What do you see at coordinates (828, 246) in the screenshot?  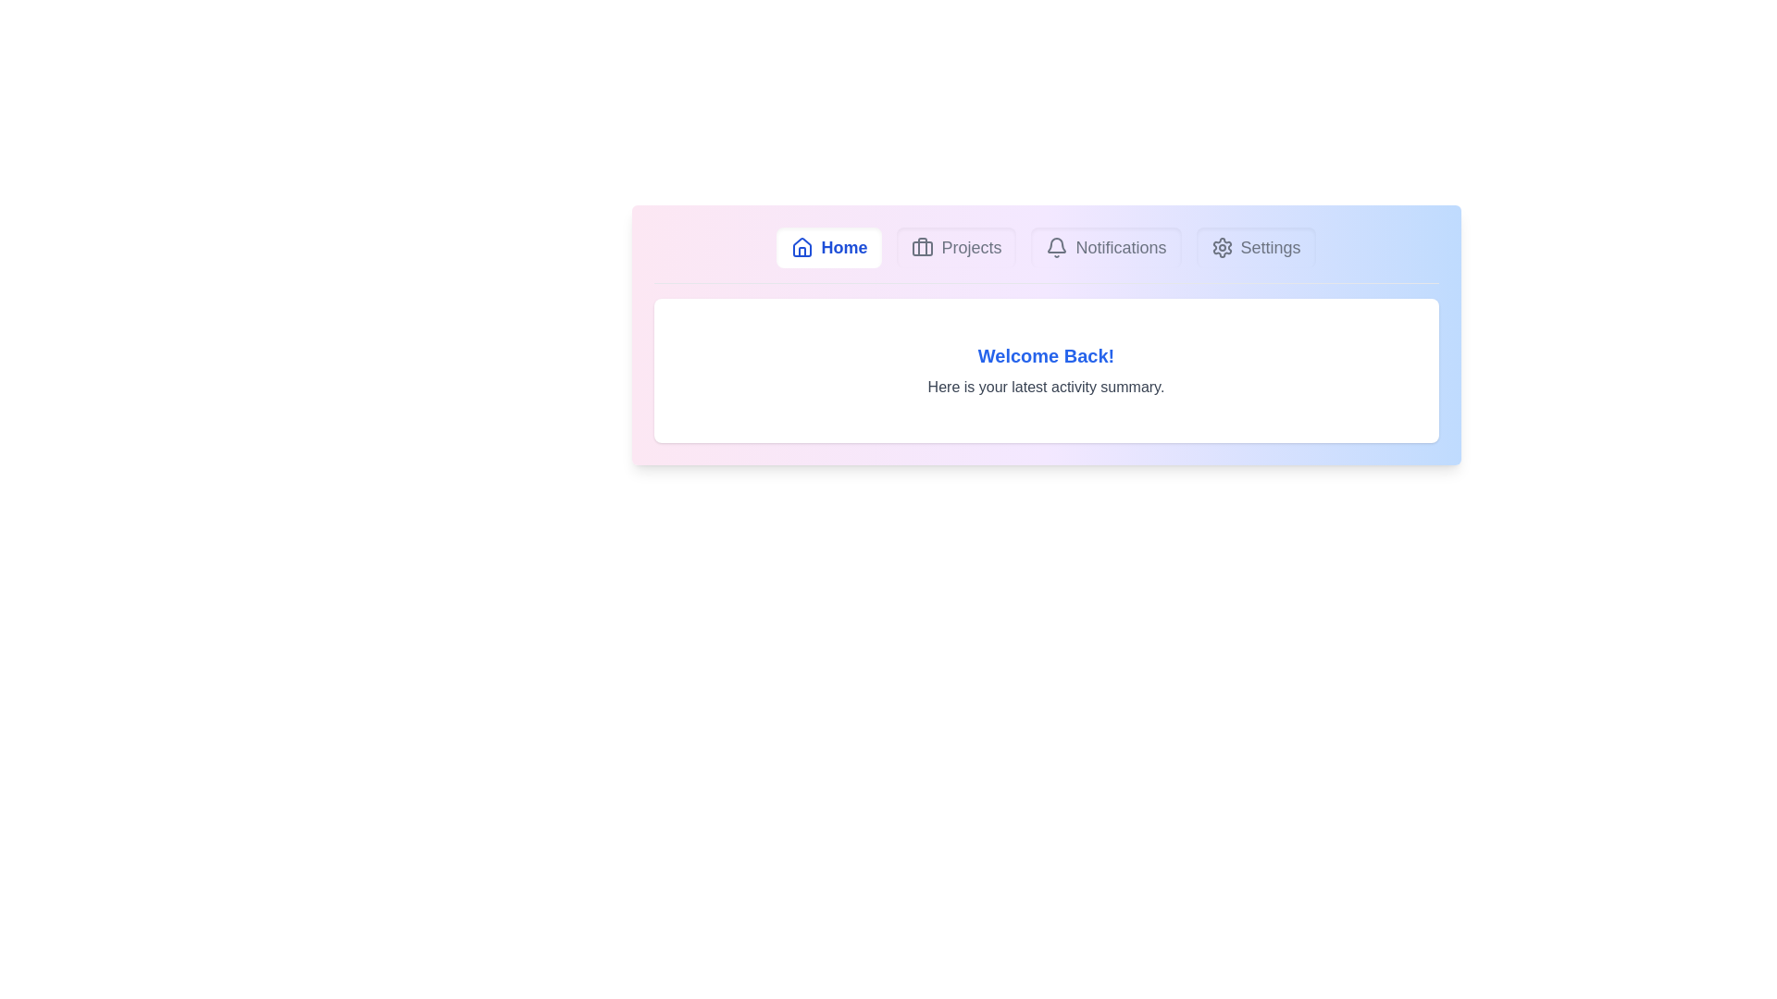 I see `the Home tab to switch to its content` at bounding box center [828, 246].